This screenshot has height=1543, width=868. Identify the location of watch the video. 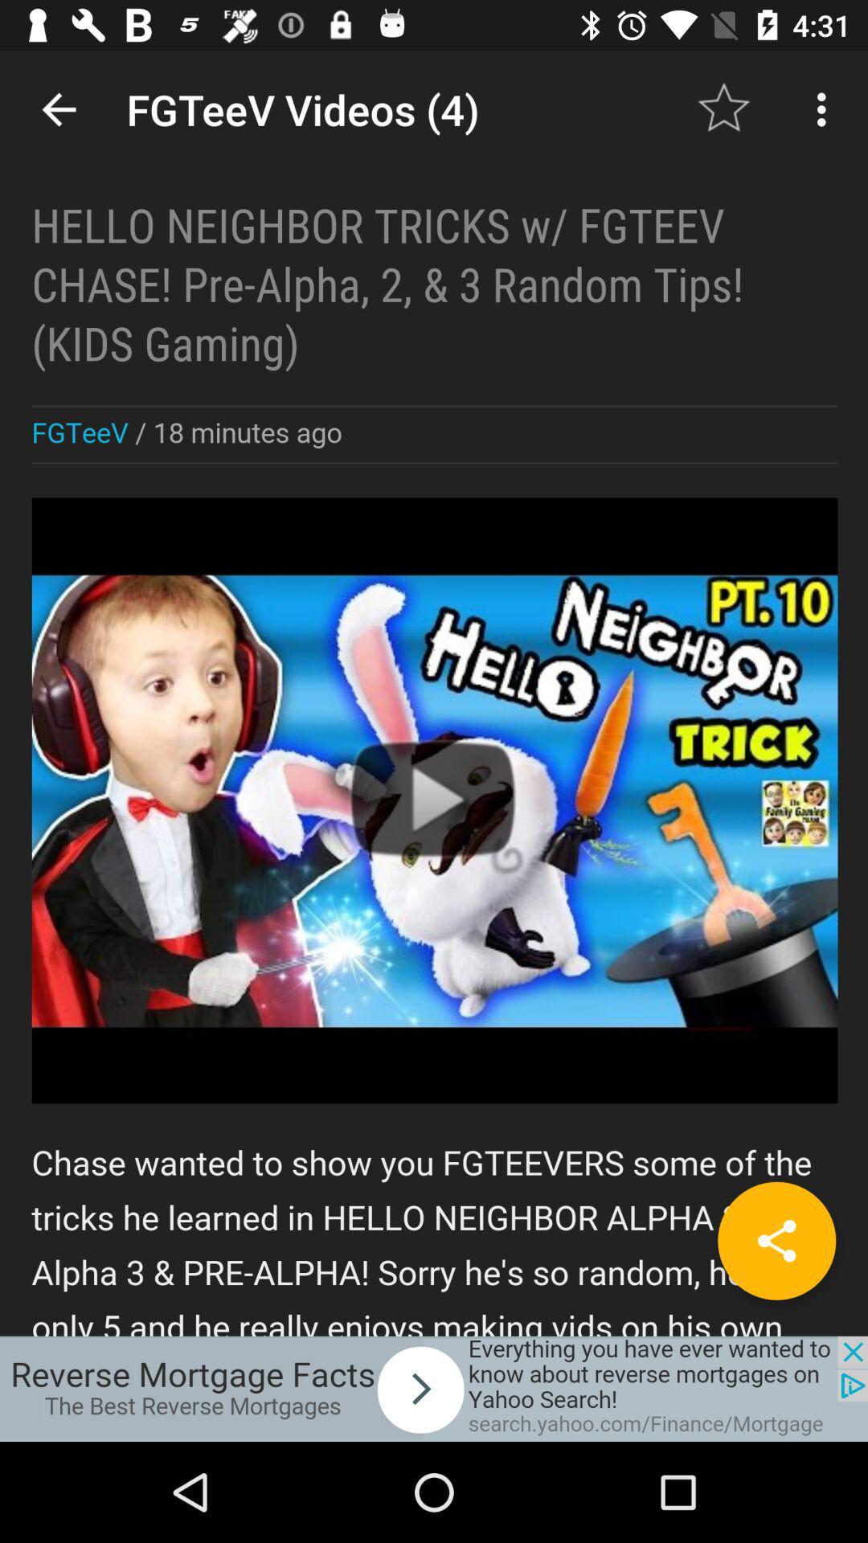
(434, 693).